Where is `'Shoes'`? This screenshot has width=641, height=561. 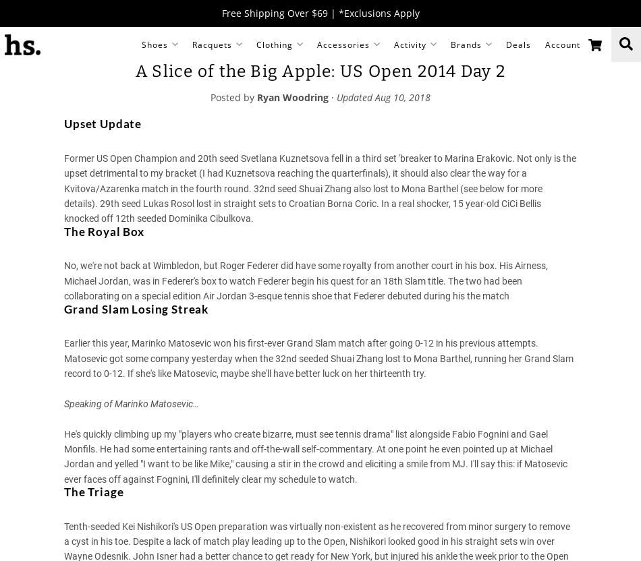 'Shoes' is located at coordinates (154, 43).